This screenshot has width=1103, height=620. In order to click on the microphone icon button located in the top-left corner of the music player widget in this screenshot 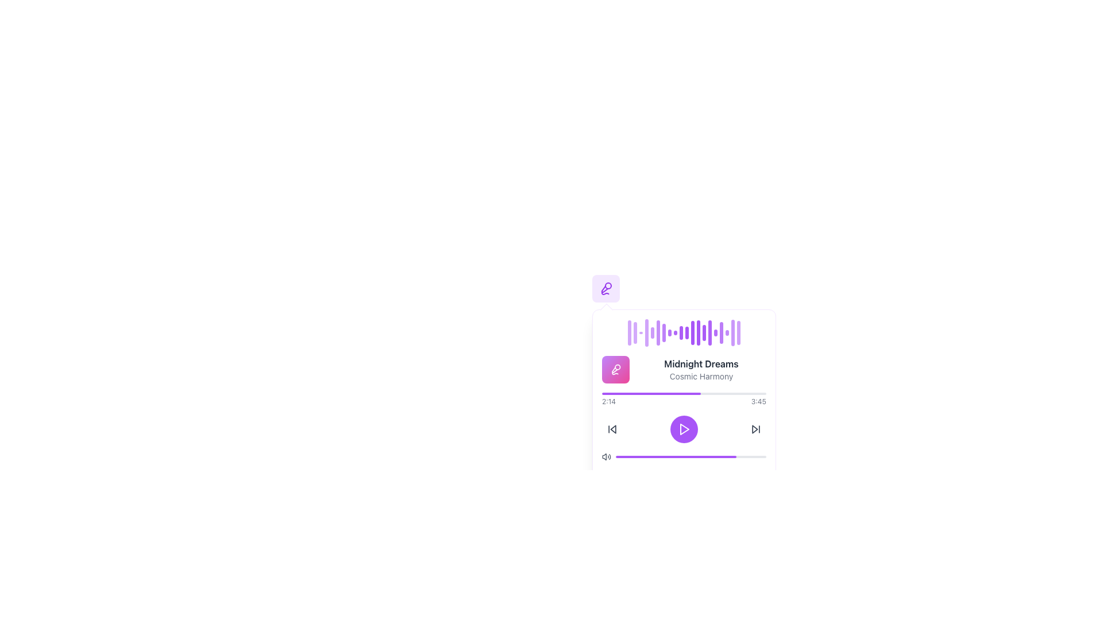, I will do `click(606, 288)`.